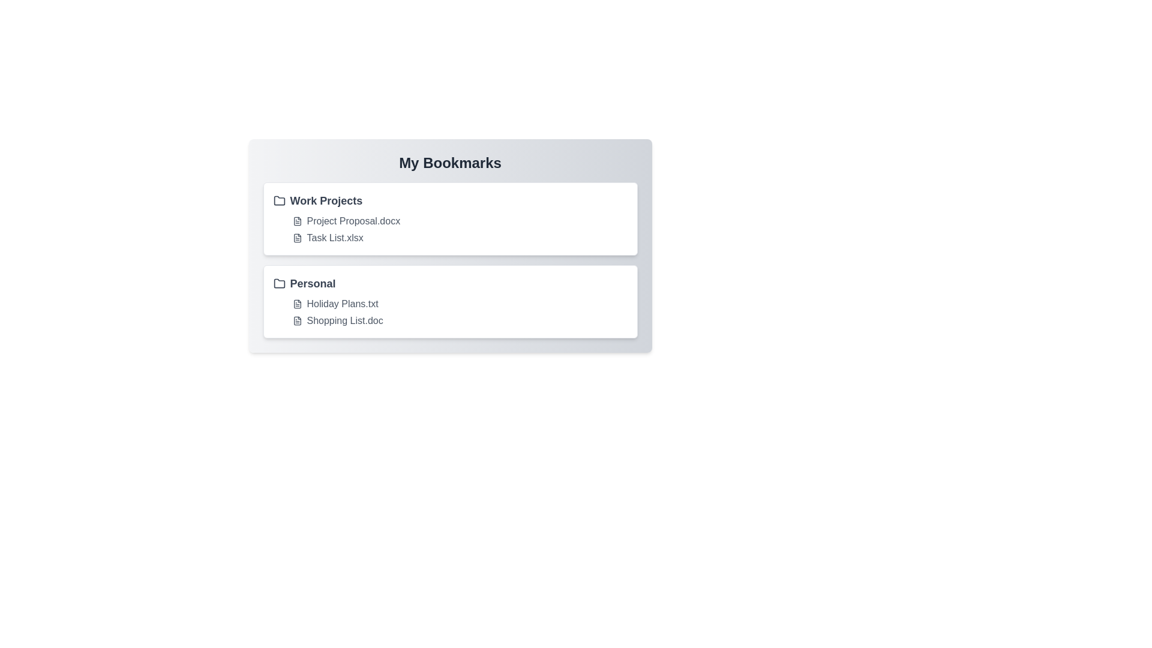  Describe the element at coordinates (297, 238) in the screenshot. I see `the document icon in the 'My Bookmarks' interface, which is represented as a rectangular sheet with a folded corner at the top-right, to interpret it as a file indicator` at that location.